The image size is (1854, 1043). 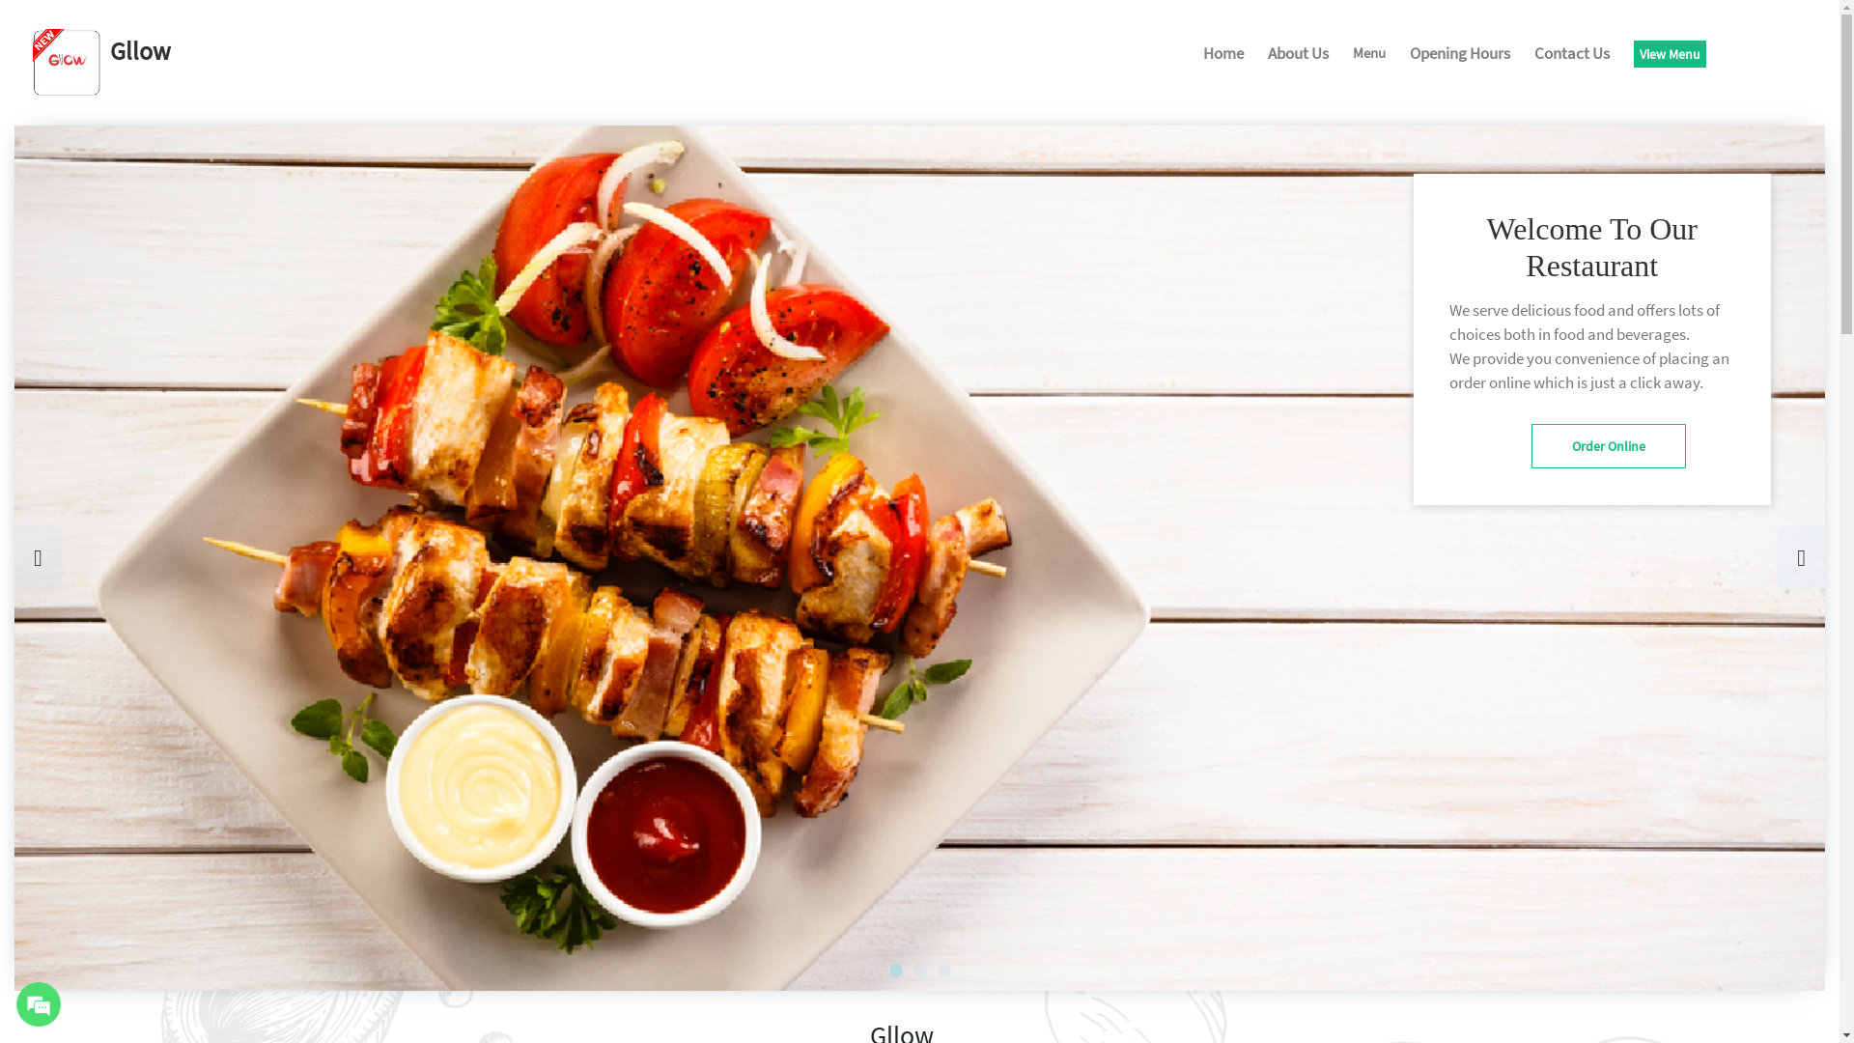 I want to click on 'View Menu', so click(x=1632, y=53).